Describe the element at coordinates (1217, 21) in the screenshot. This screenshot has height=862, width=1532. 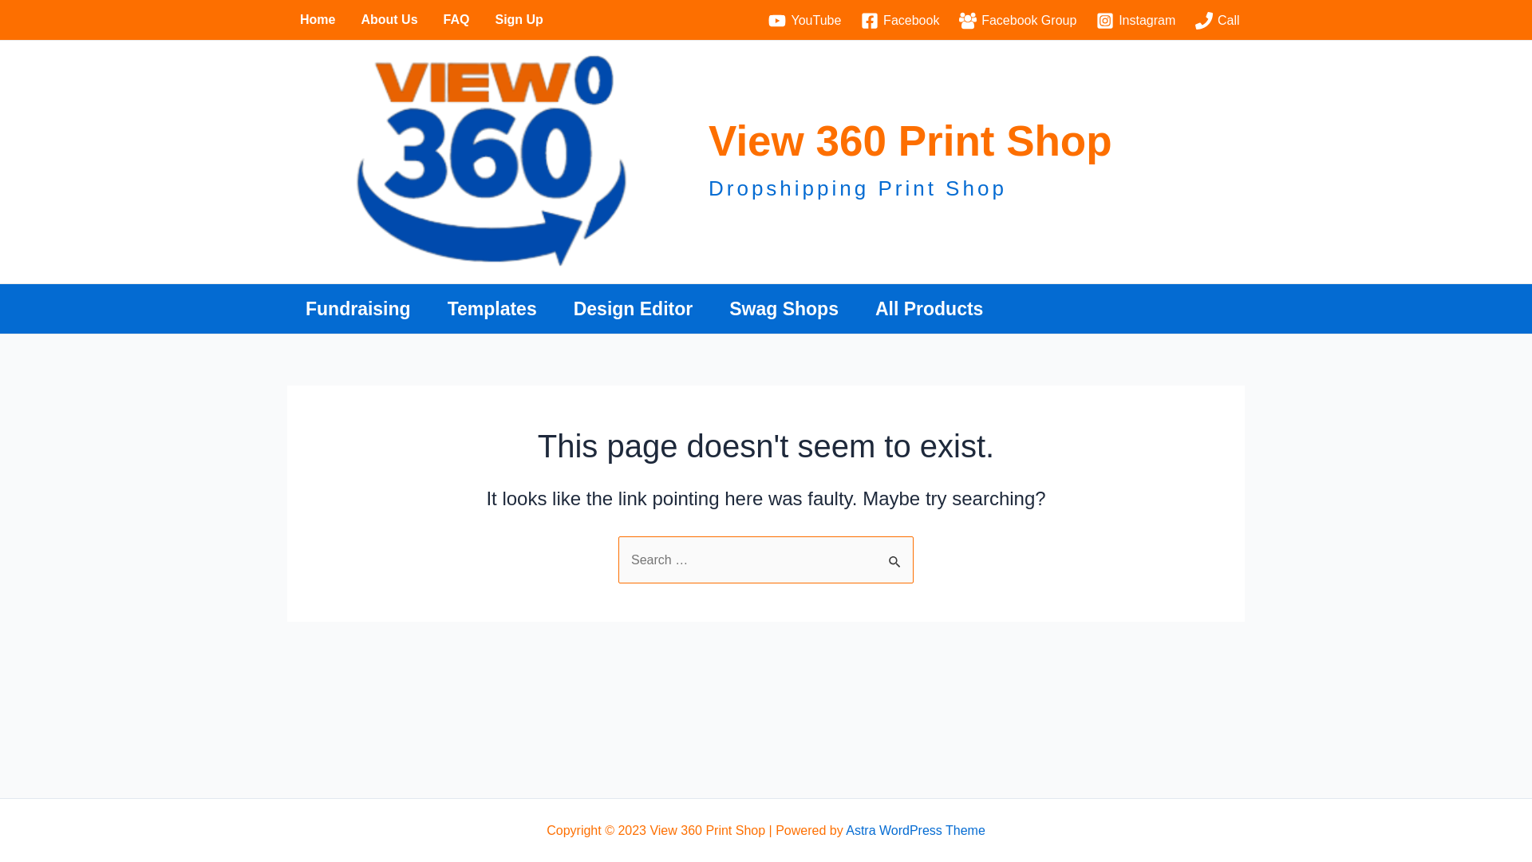
I see `'Call'` at that location.